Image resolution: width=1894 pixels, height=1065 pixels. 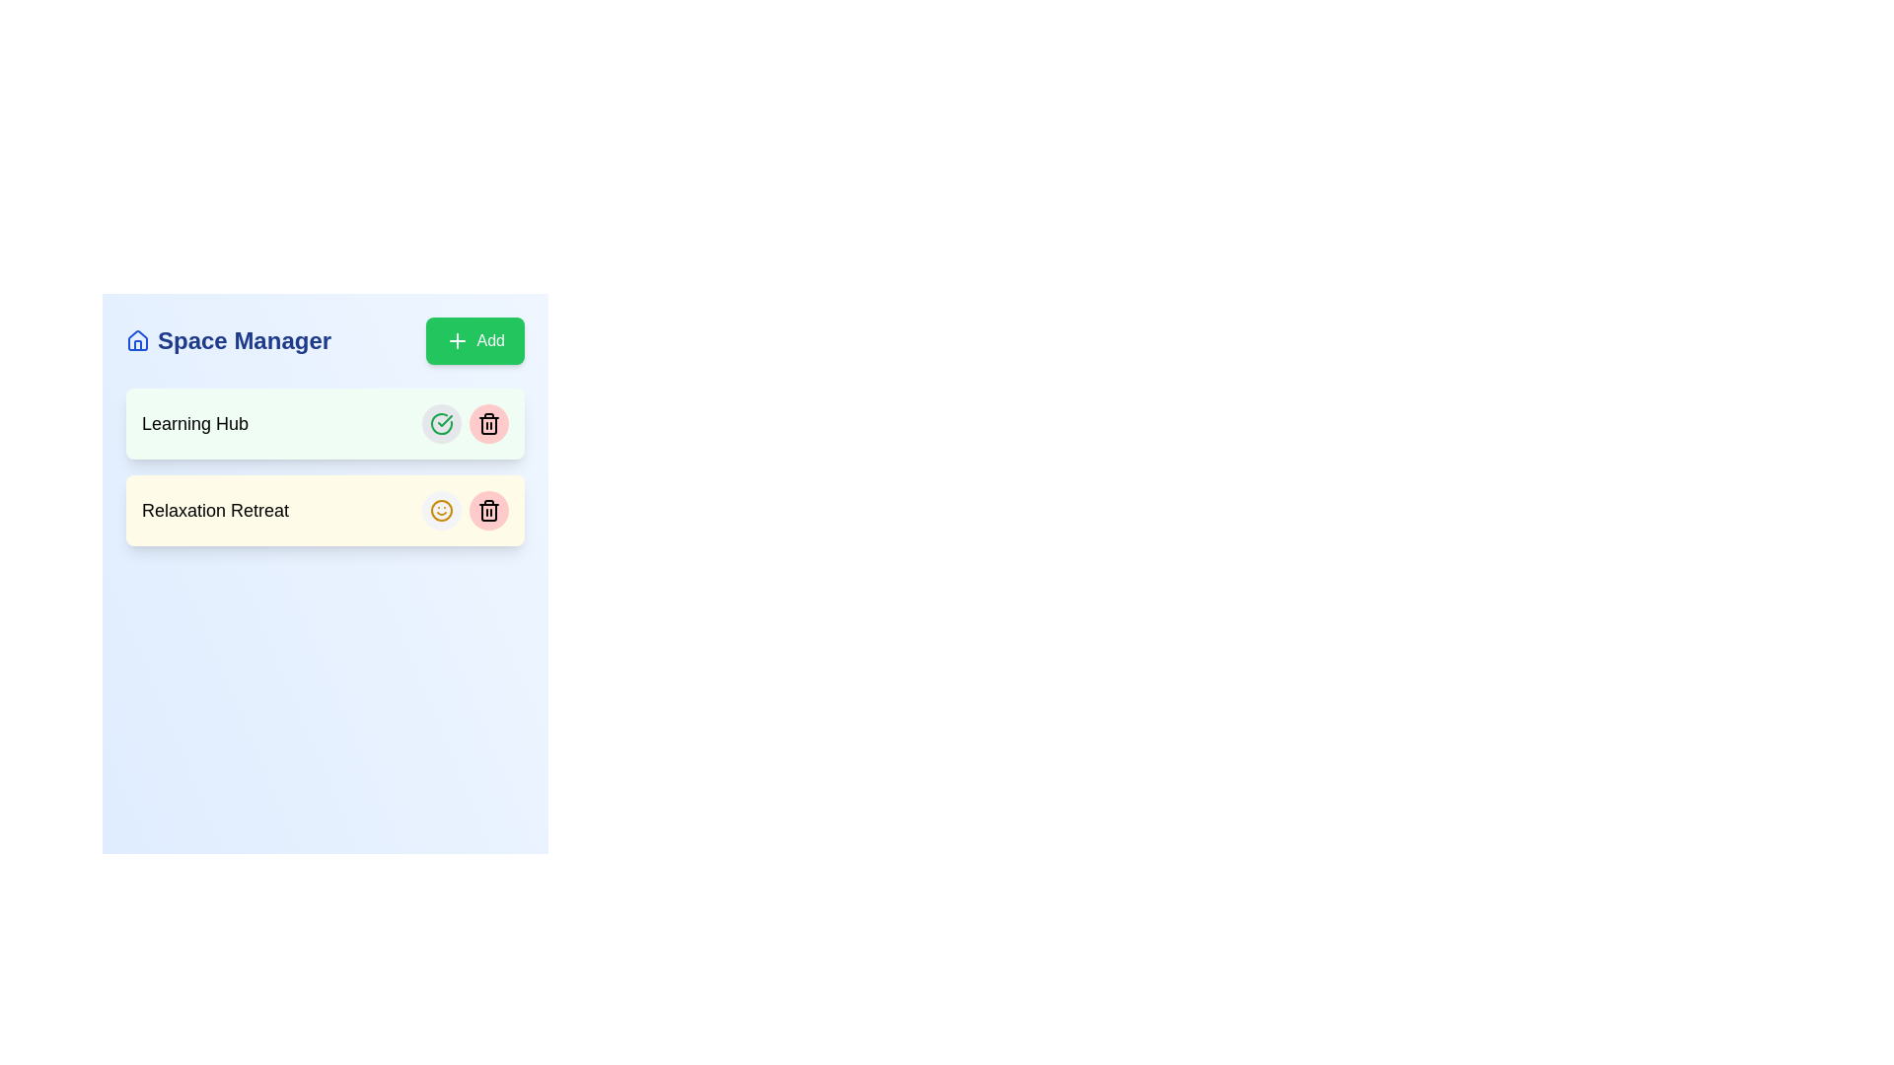 What do you see at coordinates (136, 340) in the screenshot?
I see `the 'home' icon located at the far left of the 'Space Manager' section's header, just before the text 'Space Manager'` at bounding box center [136, 340].